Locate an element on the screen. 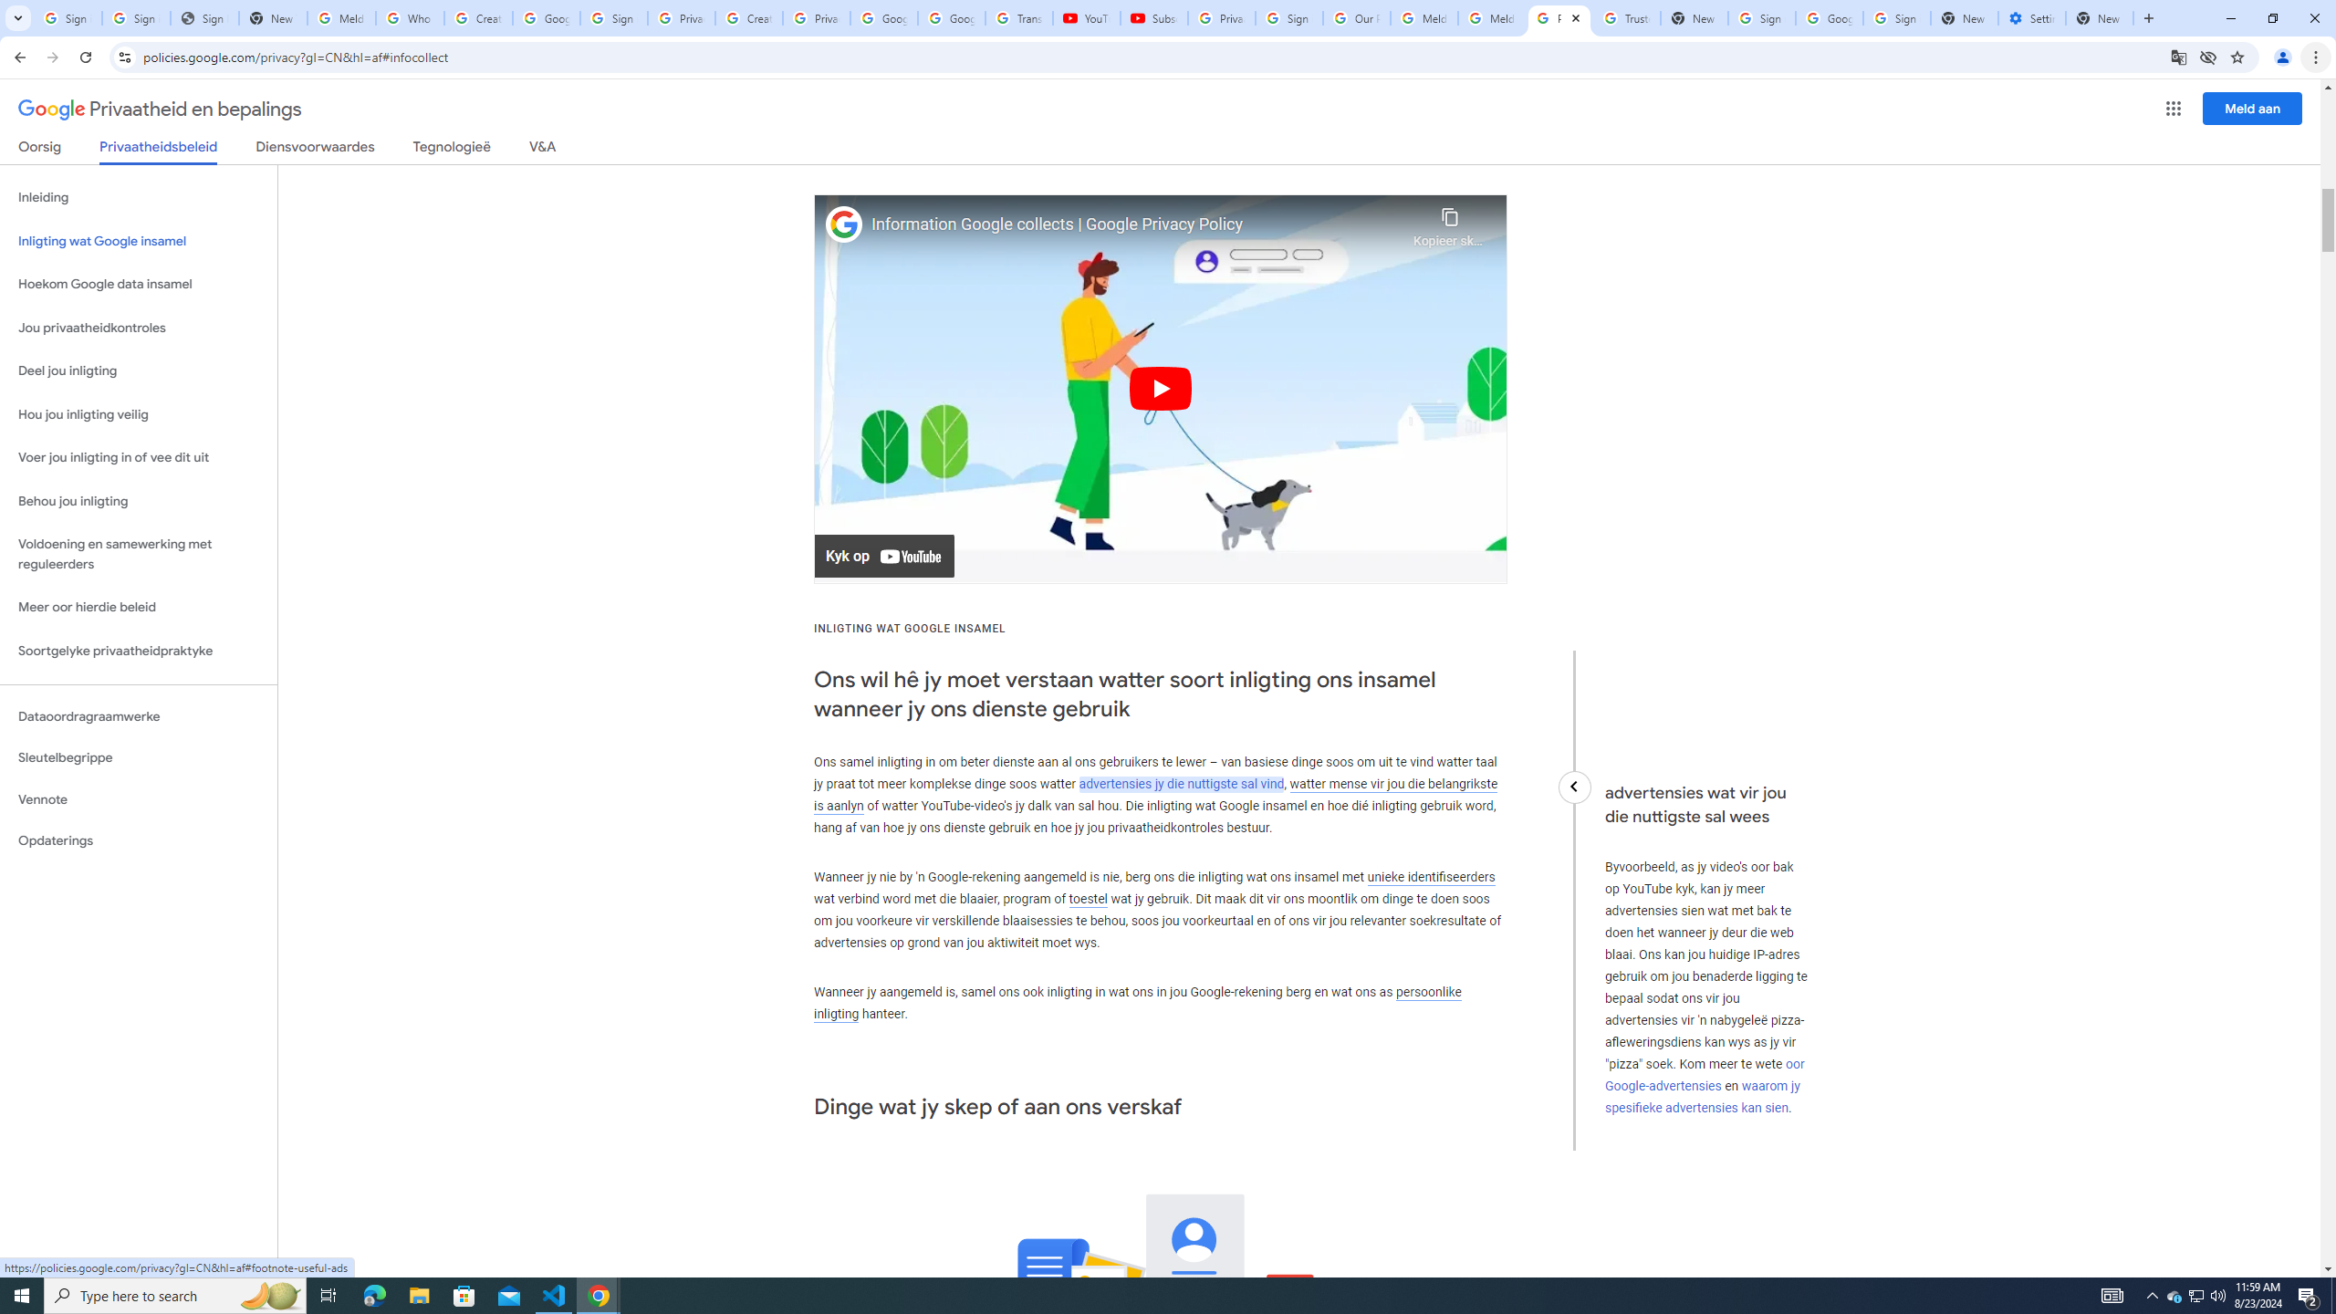 Image resolution: width=2336 pixels, height=1314 pixels. 'Oorsig' is located at coordinates (40, 150).